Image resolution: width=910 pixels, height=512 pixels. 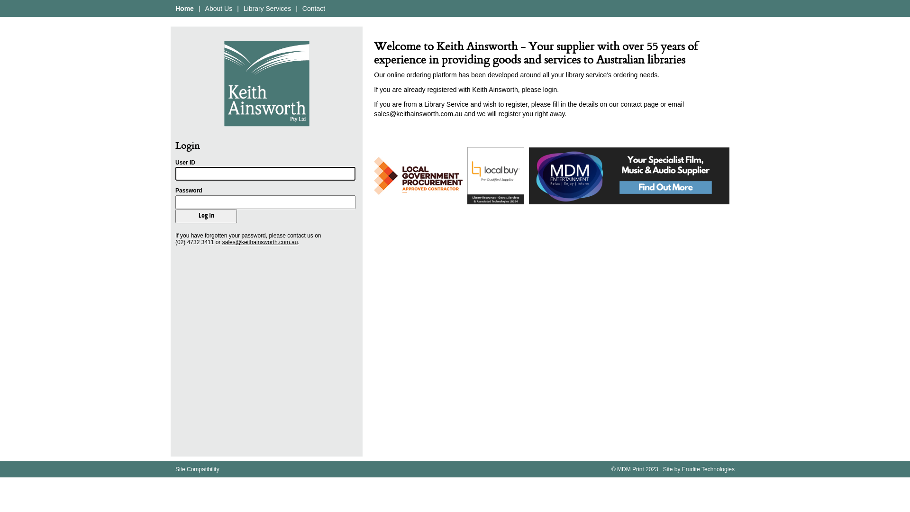 I want to click on 'Contact', so click(x=314, y=9).